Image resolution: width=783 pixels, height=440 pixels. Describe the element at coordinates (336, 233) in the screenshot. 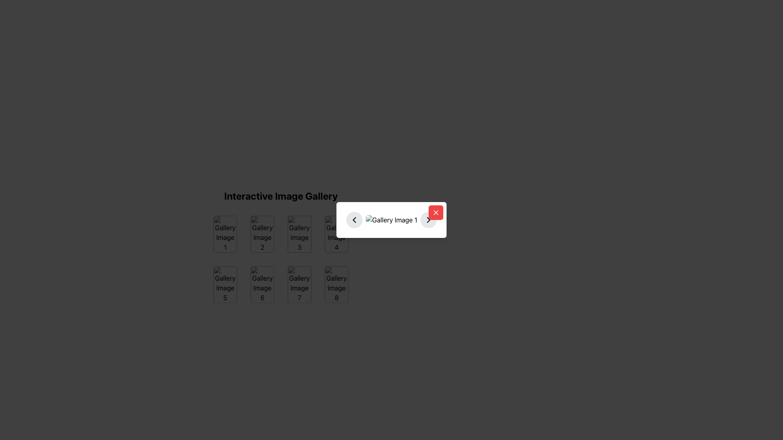

I see `the circular element representing the circular part of the zoom-in symbol within the SVG graphic component` at that location.